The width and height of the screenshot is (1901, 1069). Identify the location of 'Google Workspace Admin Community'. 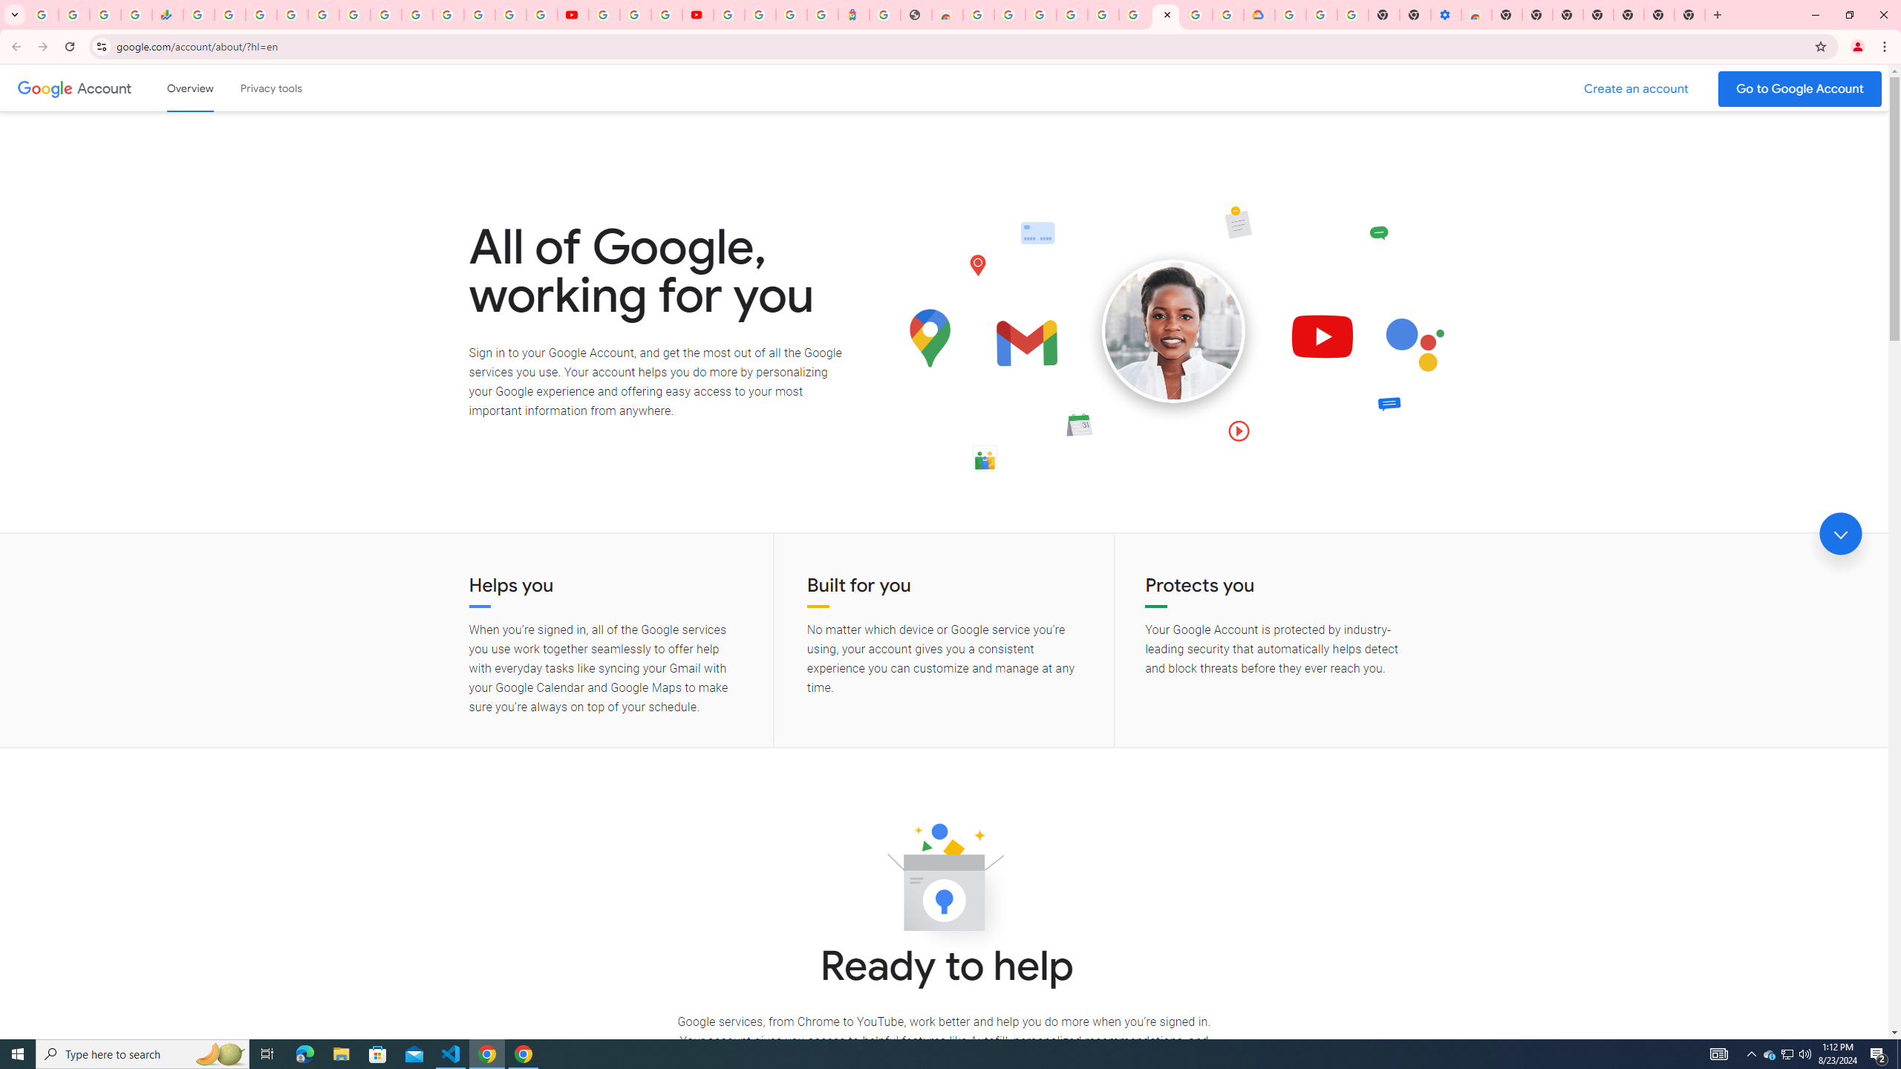
(42, 14).